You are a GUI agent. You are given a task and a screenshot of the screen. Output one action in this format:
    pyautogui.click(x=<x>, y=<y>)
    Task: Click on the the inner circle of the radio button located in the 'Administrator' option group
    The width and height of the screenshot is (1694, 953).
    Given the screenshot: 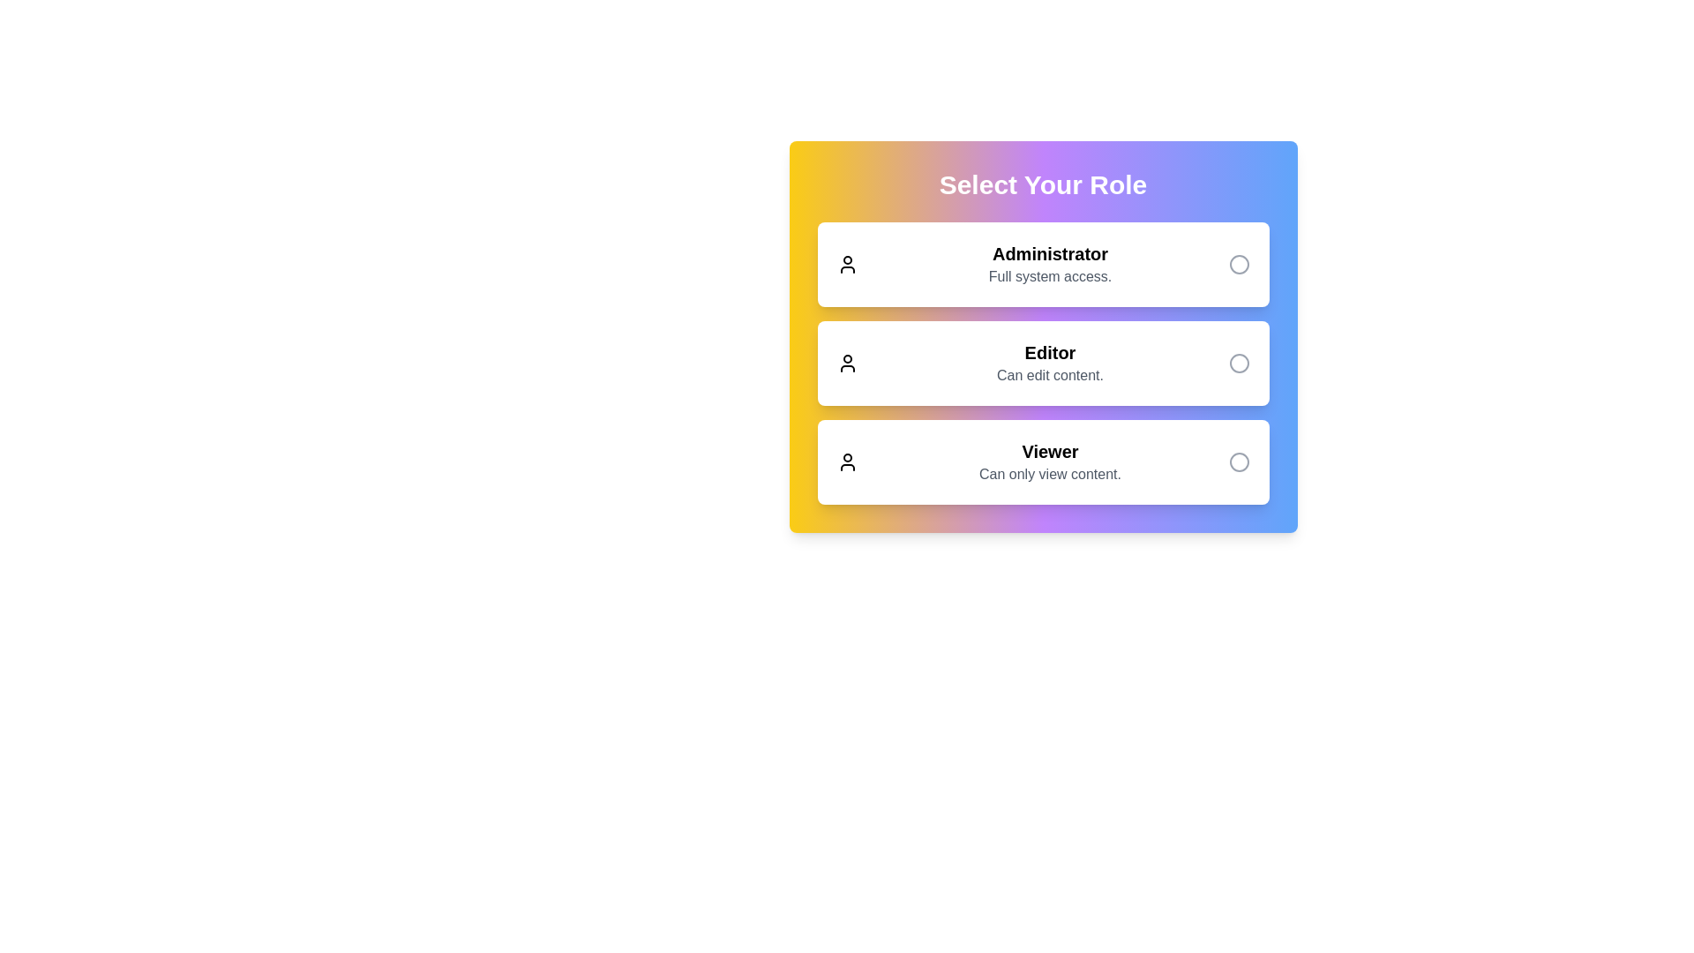 What is the action you would take?
    pyautogui.click(x=1238, y=265)
    